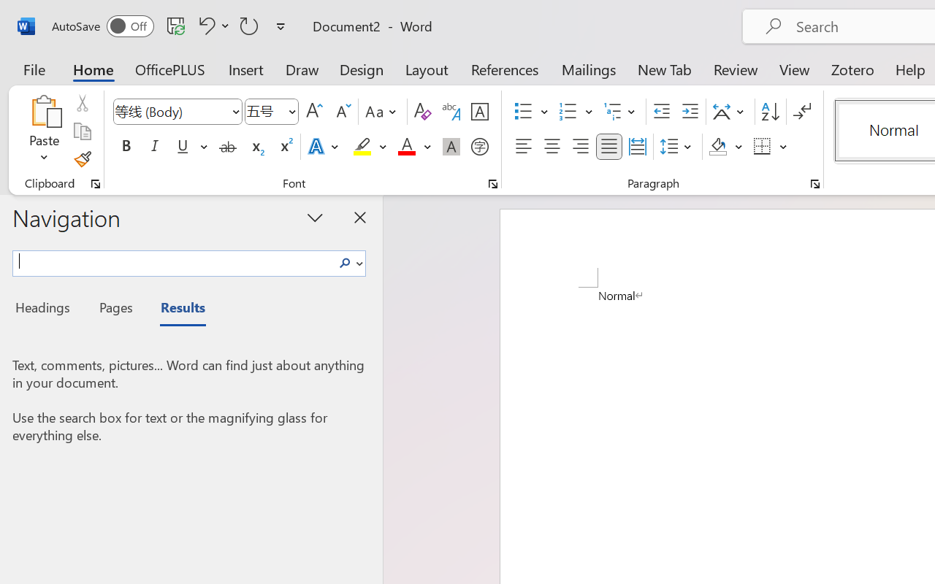  I want to click on 'Multilevel List', so click(621, 112).